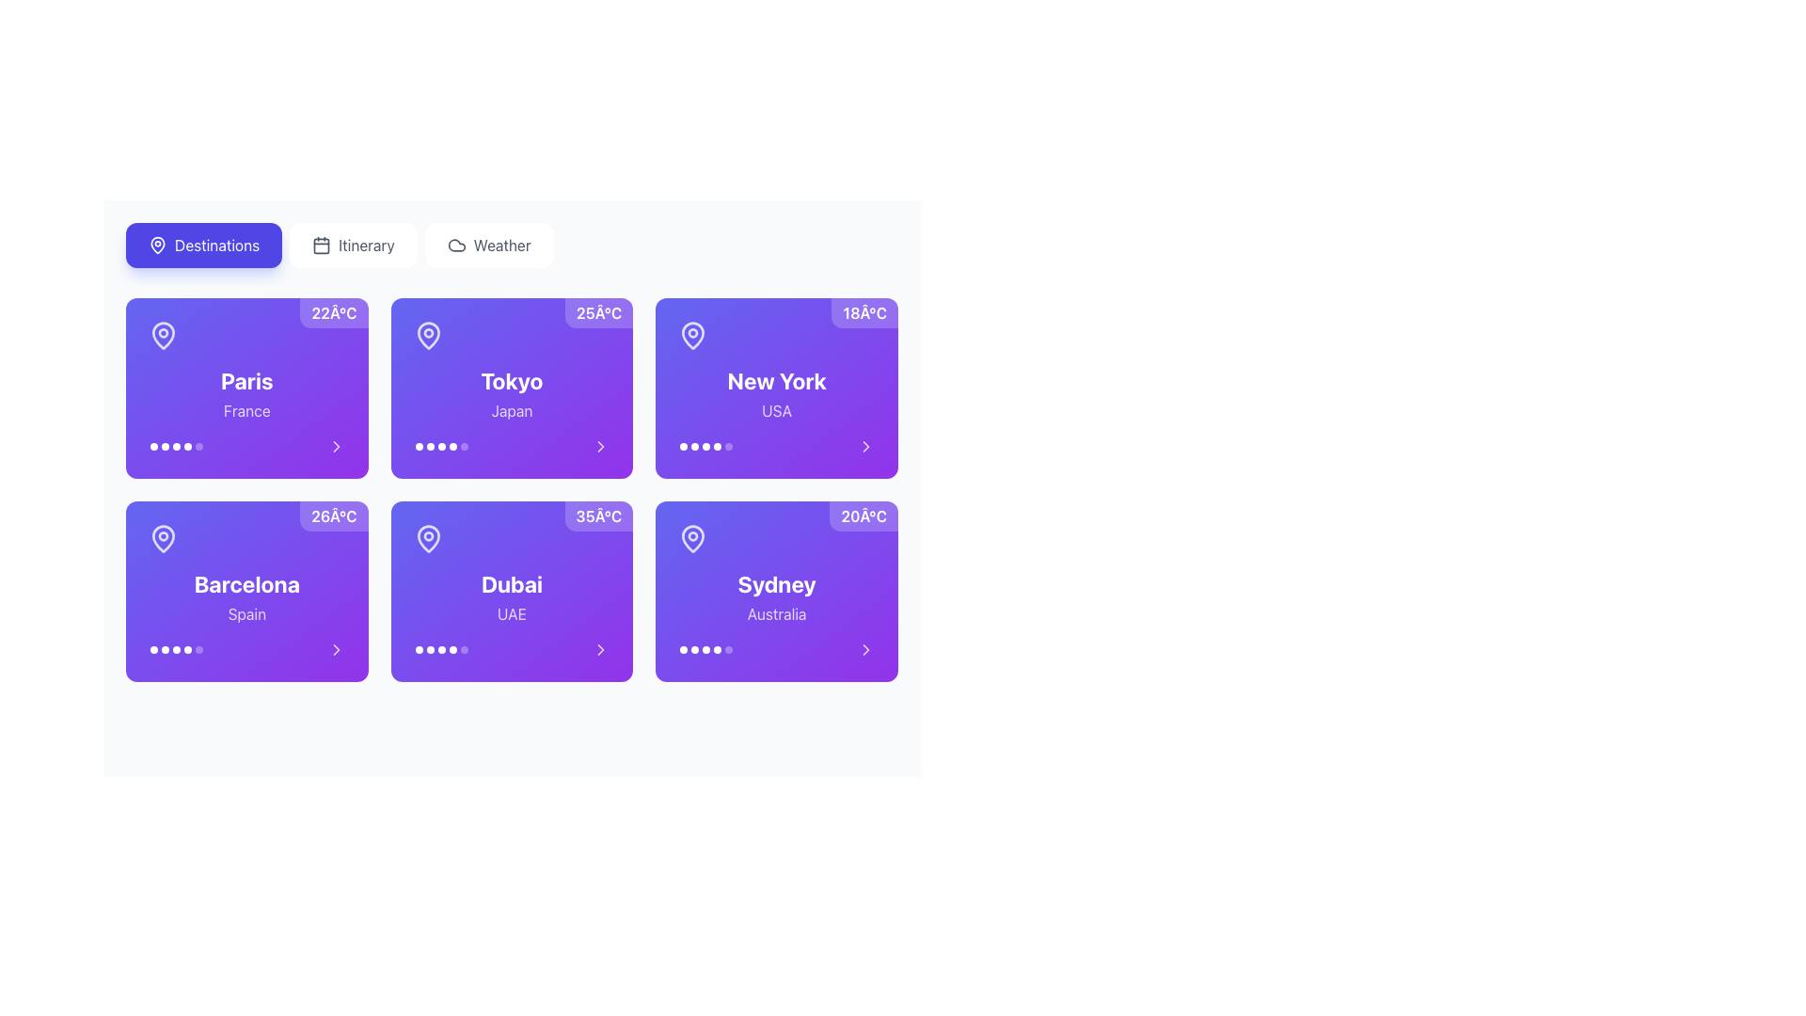 This screenshot has height=1016, width=1806. Describe the element at coordinates (600, 648) in the screenshot. I see `the chevron icon located at the bottom-right corner of the 'Dubai' card` at that location.